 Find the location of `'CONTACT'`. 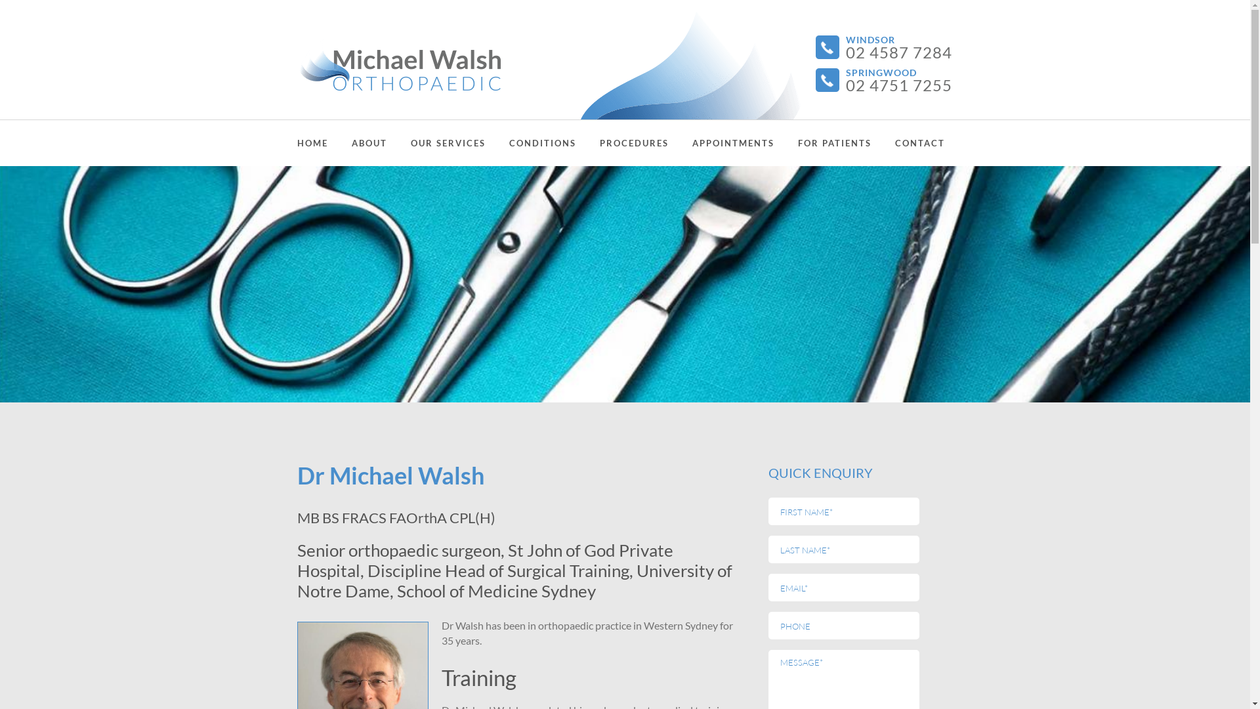

'CONTACT' is located at coordinates (894, 143).